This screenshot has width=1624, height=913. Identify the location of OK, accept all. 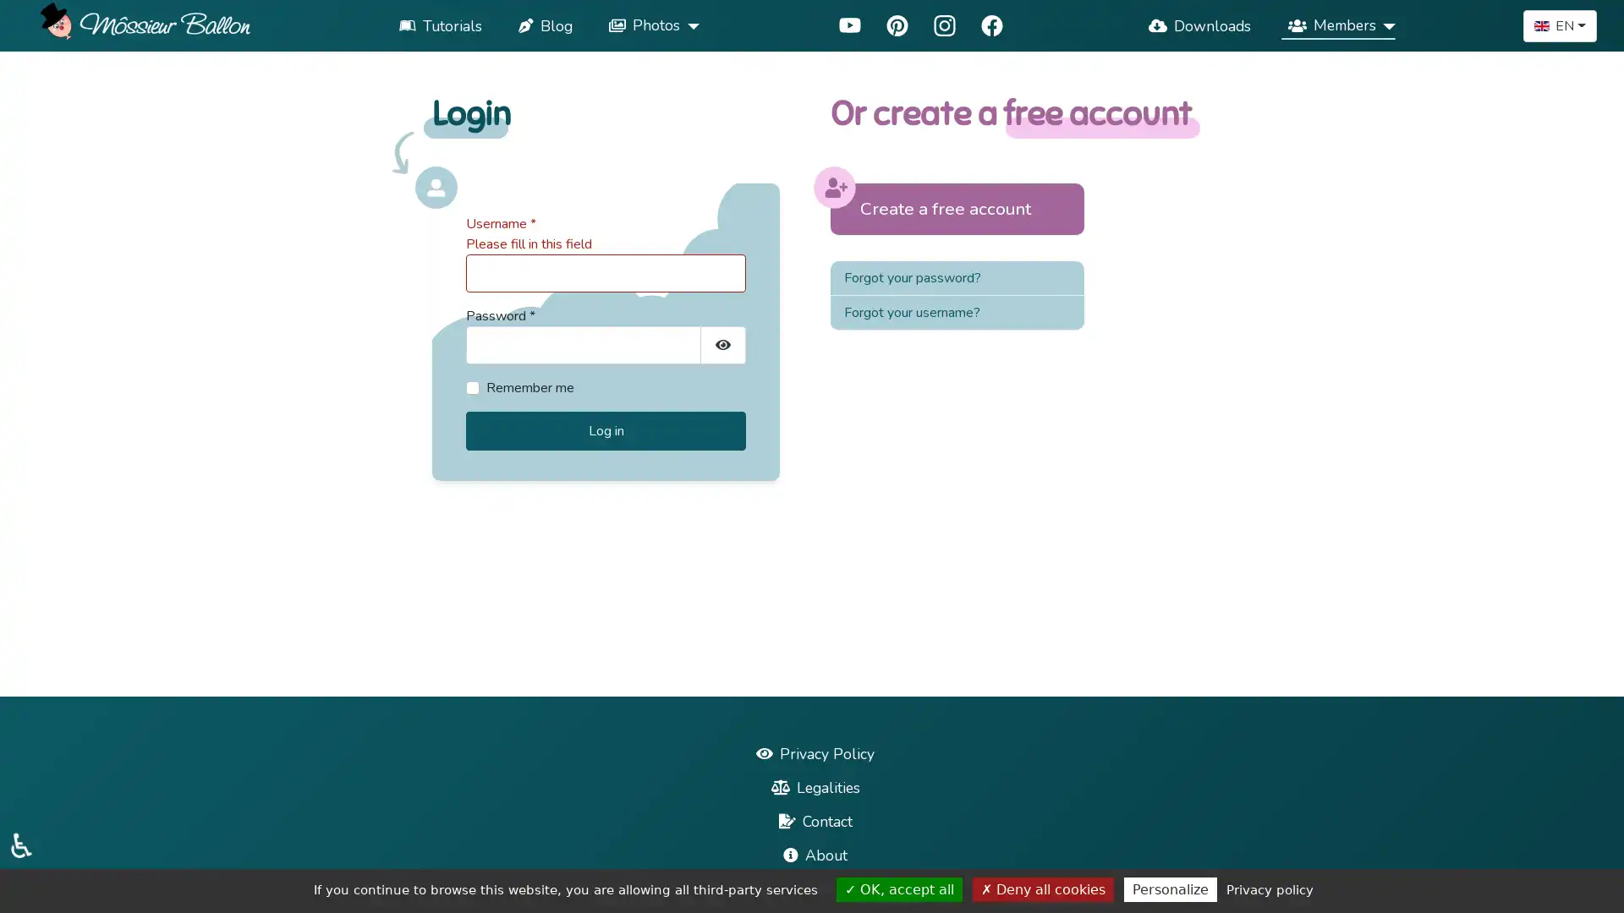
(898, 888).